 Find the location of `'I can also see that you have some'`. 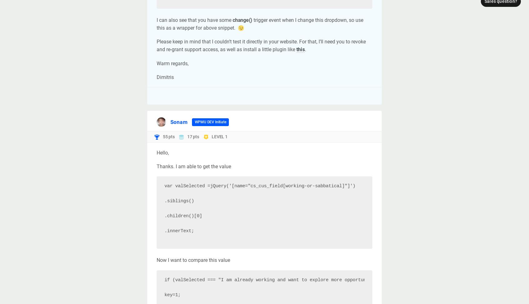

'I can also see that you have some' is located at coordinates (157, 20).